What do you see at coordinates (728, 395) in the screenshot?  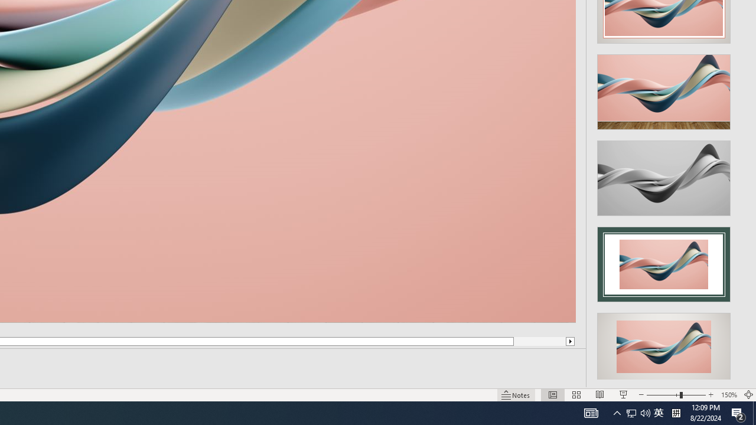 I see `'Zoom 150%'` at bounding box center [728, 395].